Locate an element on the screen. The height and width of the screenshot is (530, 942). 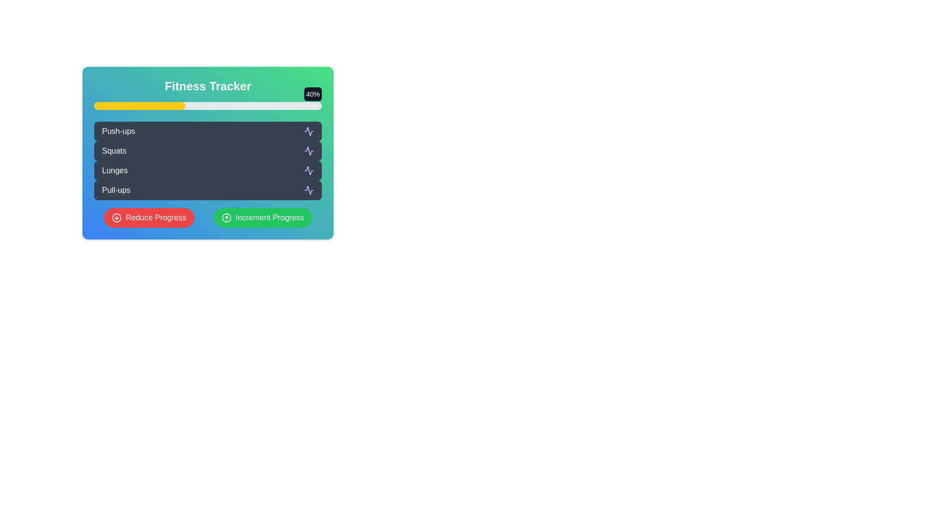
the small, purple-colored icon resembling an activity or heartbeat monitor located in the second row of the 'Squats' section within the dark gray area of the fitness tracker interface is located at coordinates (308, 151).